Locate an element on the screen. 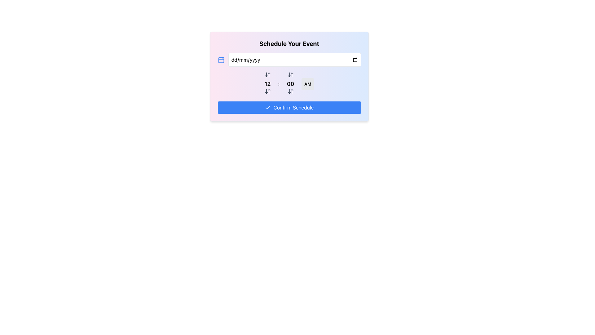 The width and height of the screenshot is (595, 335). the confirmation button located below the time and date selection labeled '12:00AM' to confirm the schedule is located at coordinates (289, 107).